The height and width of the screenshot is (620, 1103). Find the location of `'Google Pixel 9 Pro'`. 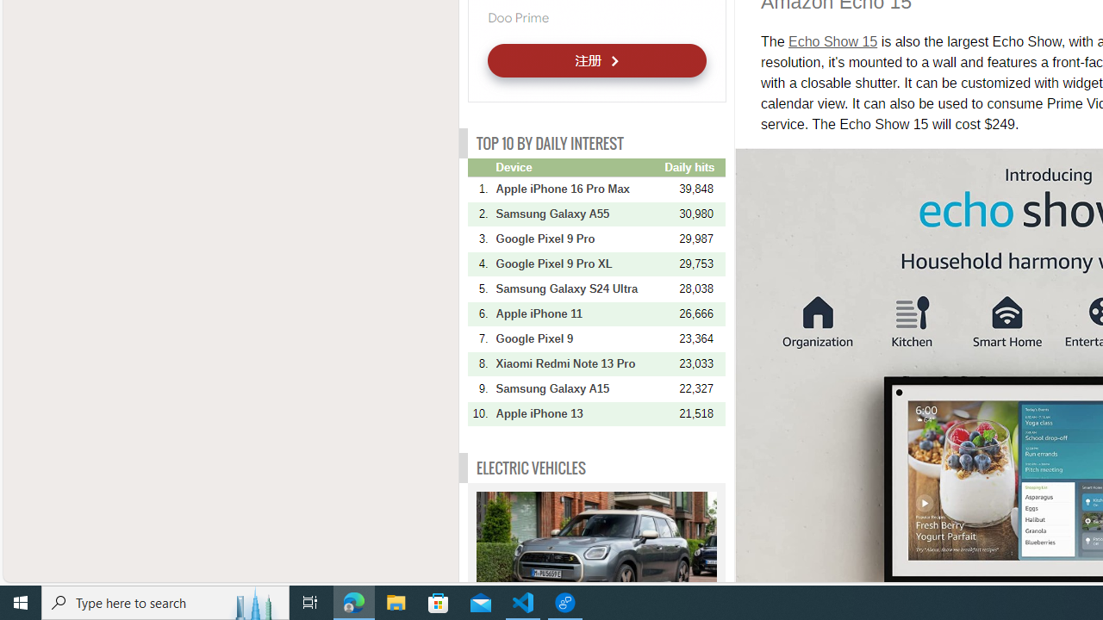

'Google Pixel 9 Pro' is located at coordinates (578, 239).